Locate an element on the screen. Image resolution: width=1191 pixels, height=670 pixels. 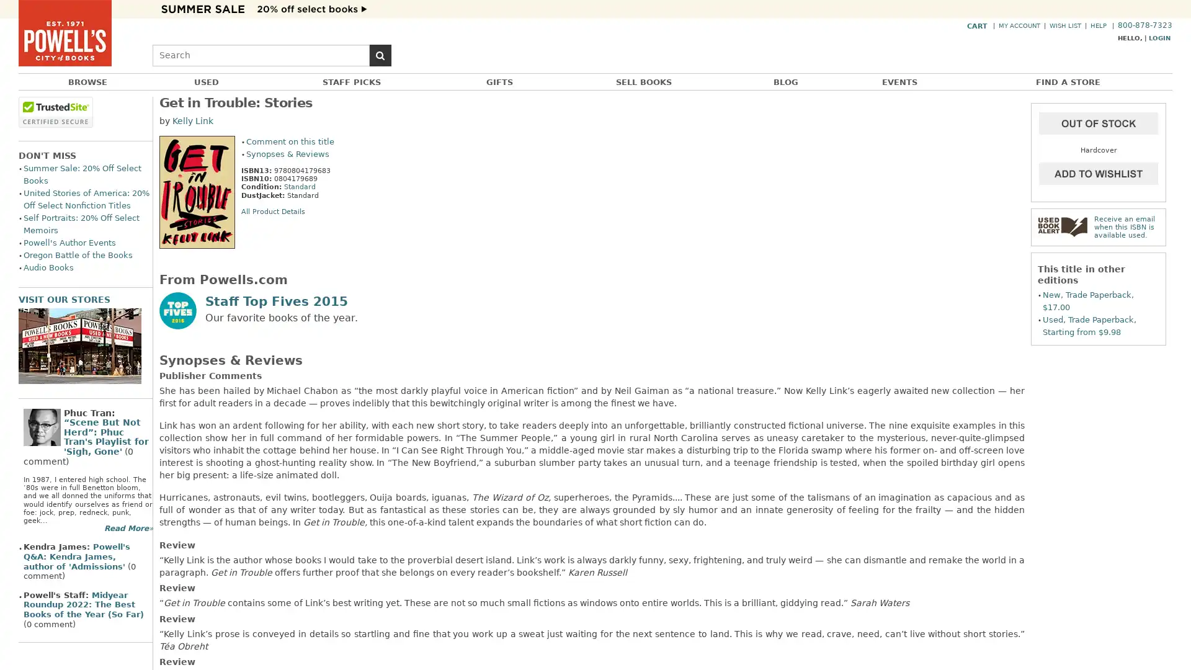
Add to Cart is located at coordinates (1099, 122).